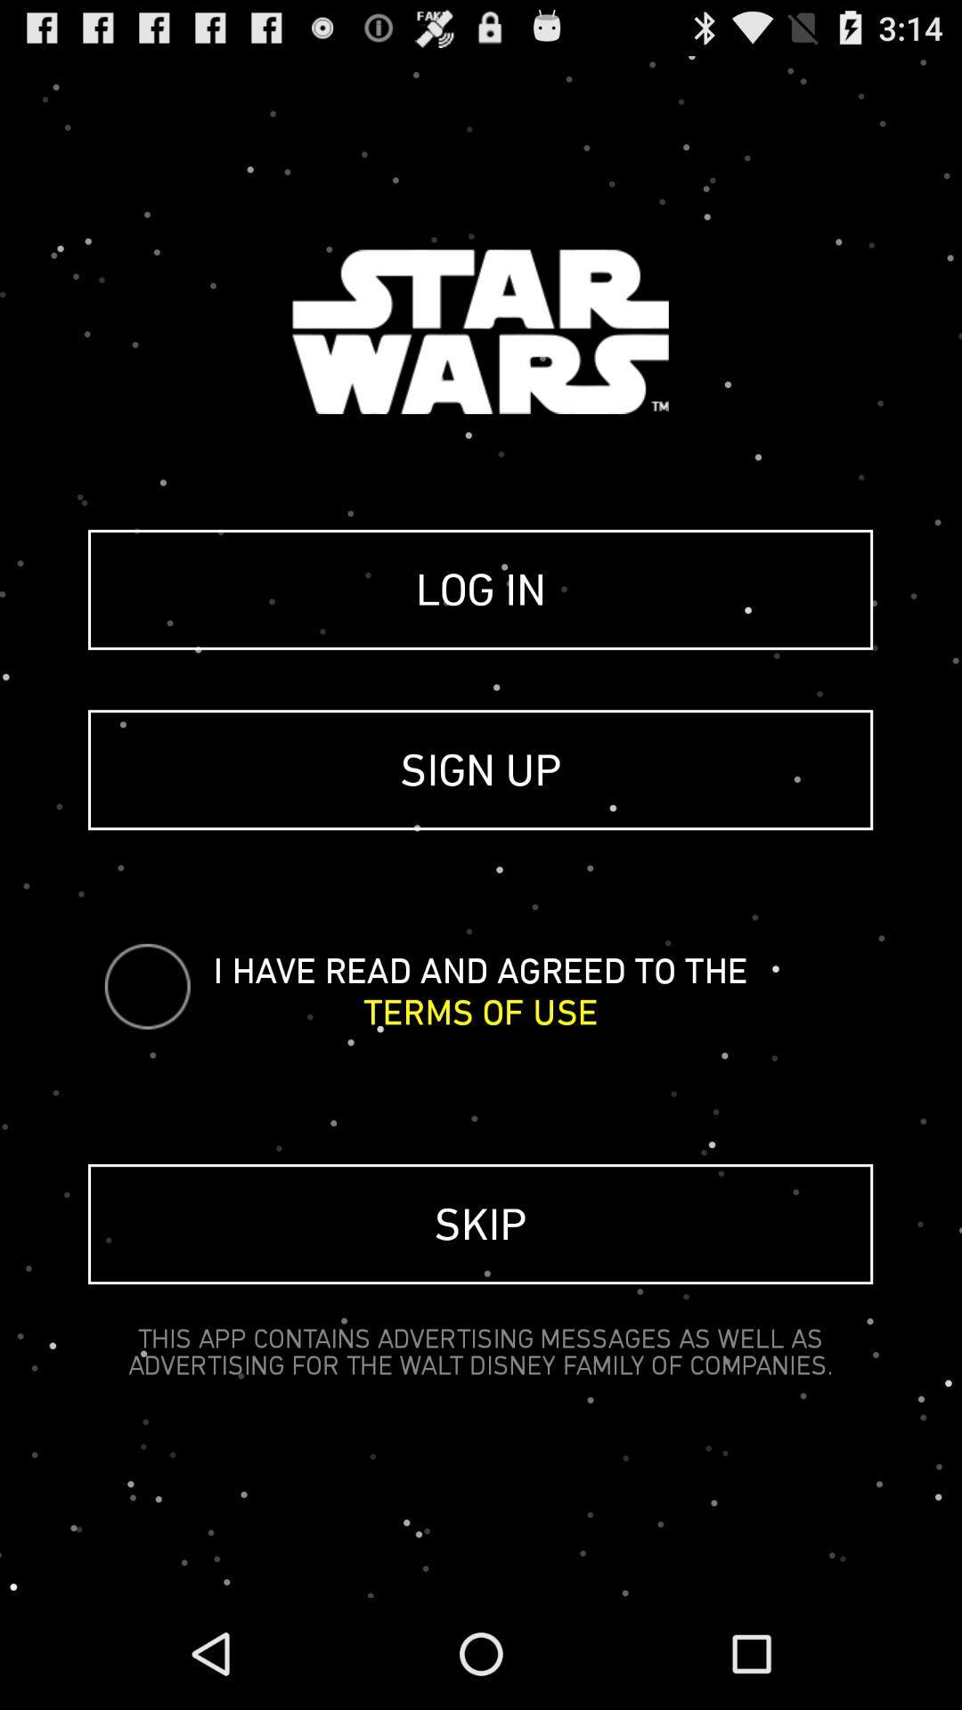 The width and height of the screenshot is (962, 1710). What do you see at coordinates (479, 1012) in the screenshot?
I see `the item below the i have read icon` at bounding box center [479, 1012].